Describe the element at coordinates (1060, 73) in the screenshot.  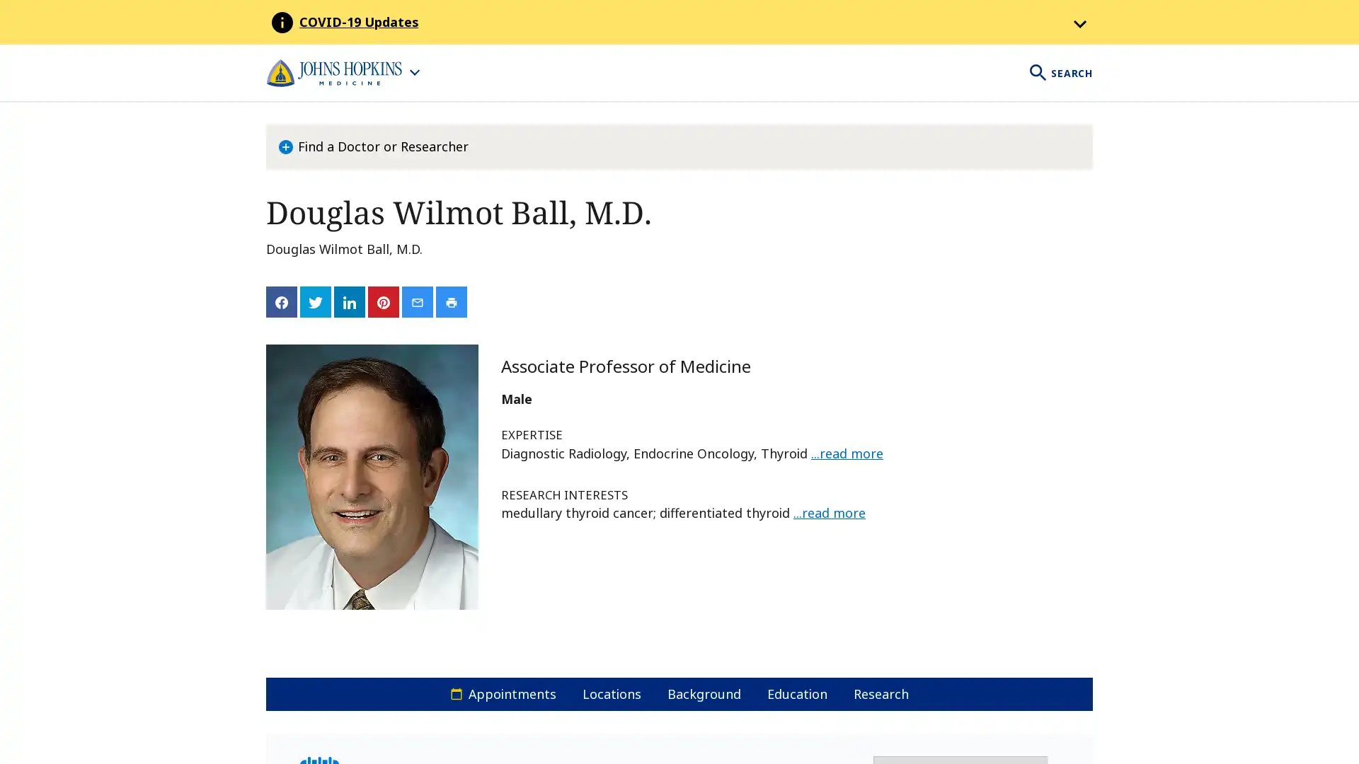
I see `SEARCH` at that location.